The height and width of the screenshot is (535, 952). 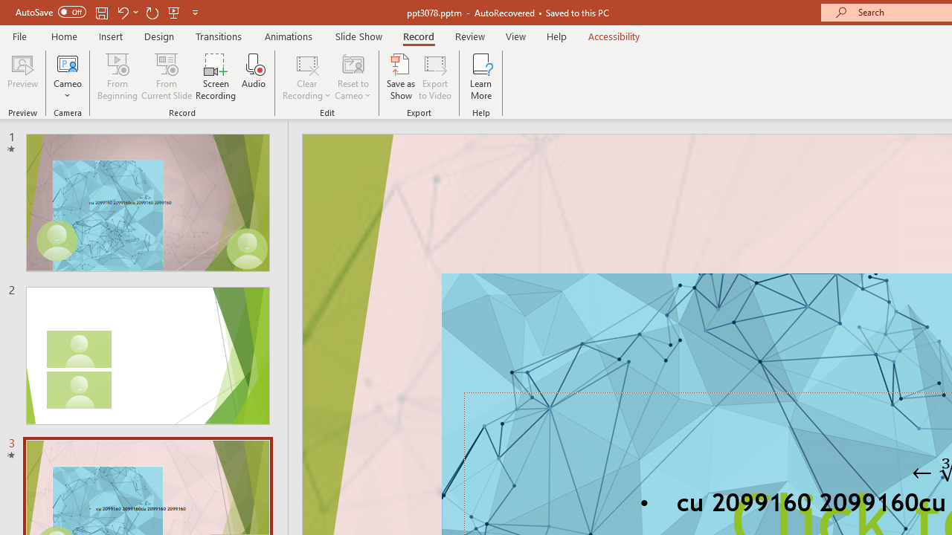 What do you see at coordinates (215, 77) in the screenshot?
I see `'Screen Recording'` at bounding box center [215, 77].